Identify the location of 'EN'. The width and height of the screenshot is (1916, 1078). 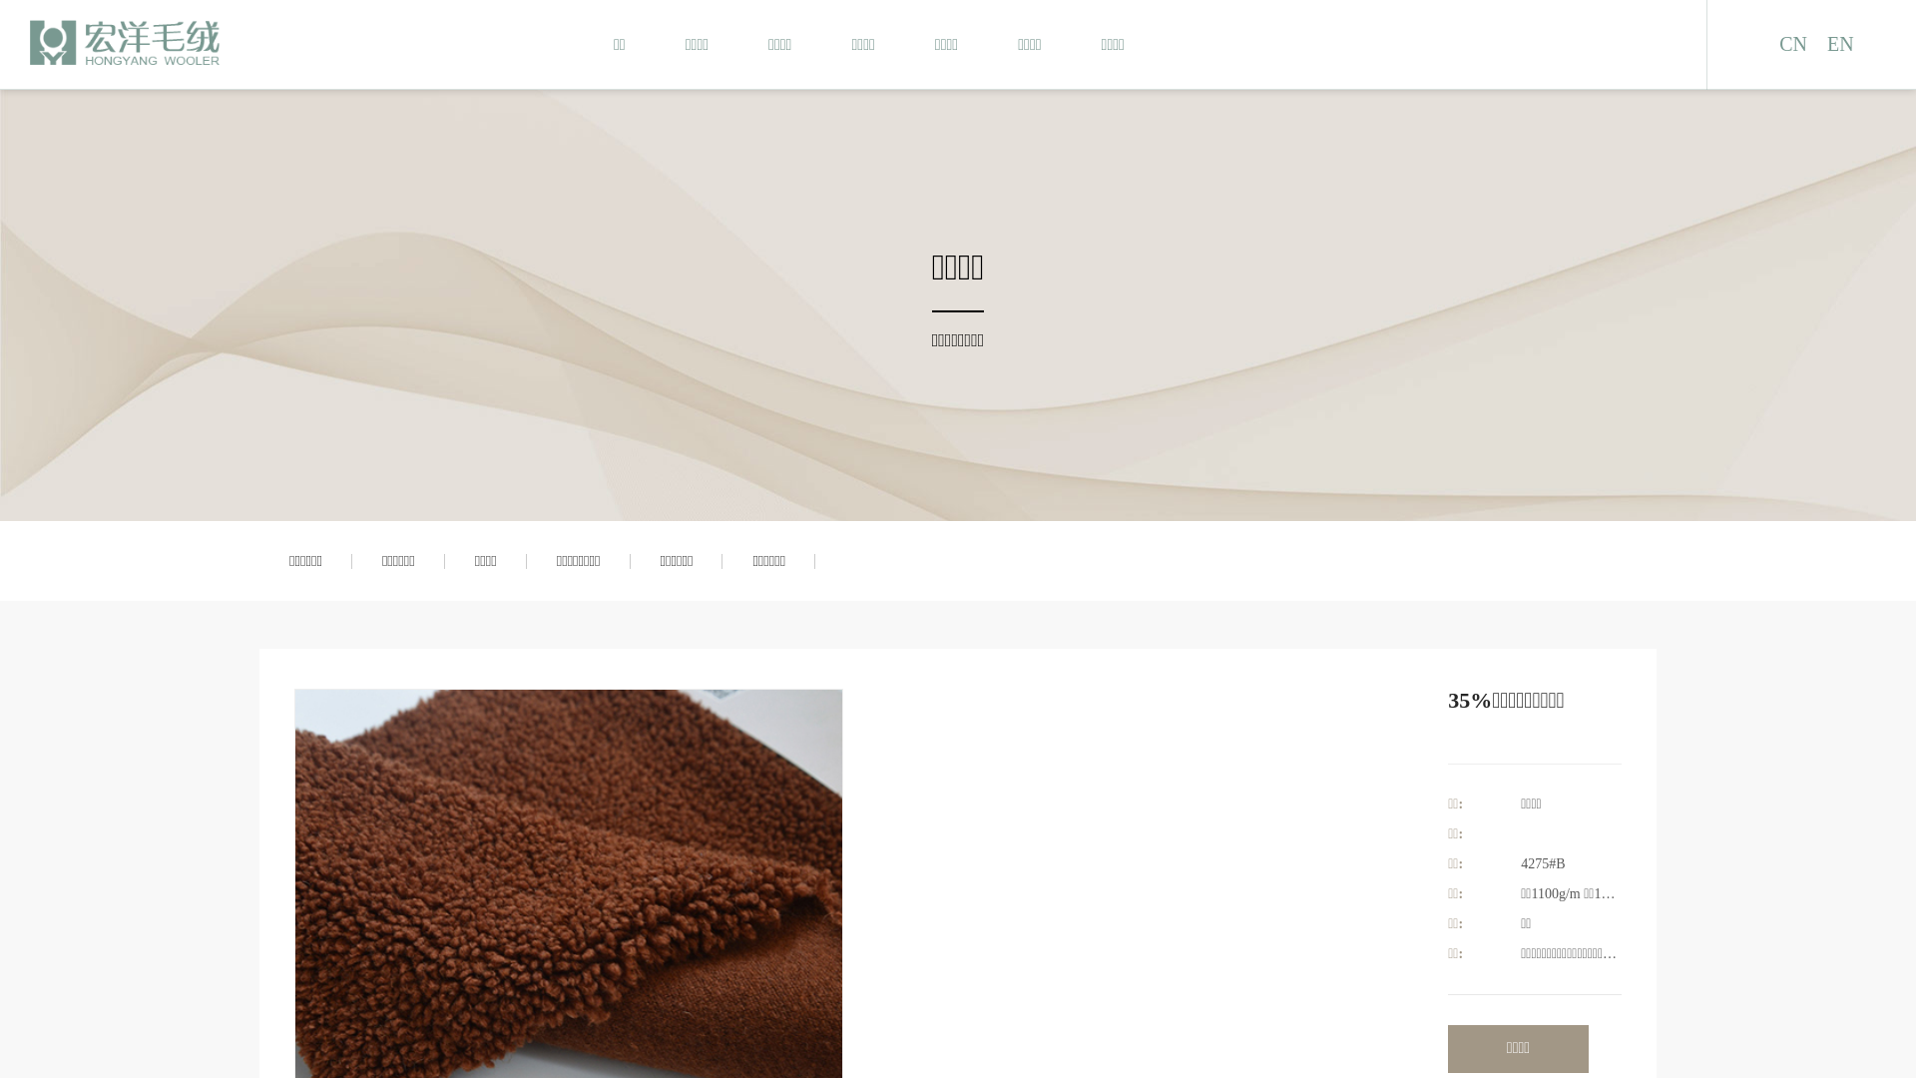
(1816, 43).